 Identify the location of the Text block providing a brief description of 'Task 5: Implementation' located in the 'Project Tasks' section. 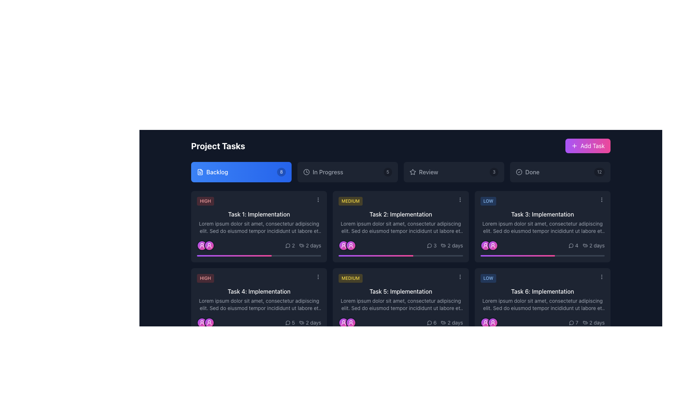
(400, 305).